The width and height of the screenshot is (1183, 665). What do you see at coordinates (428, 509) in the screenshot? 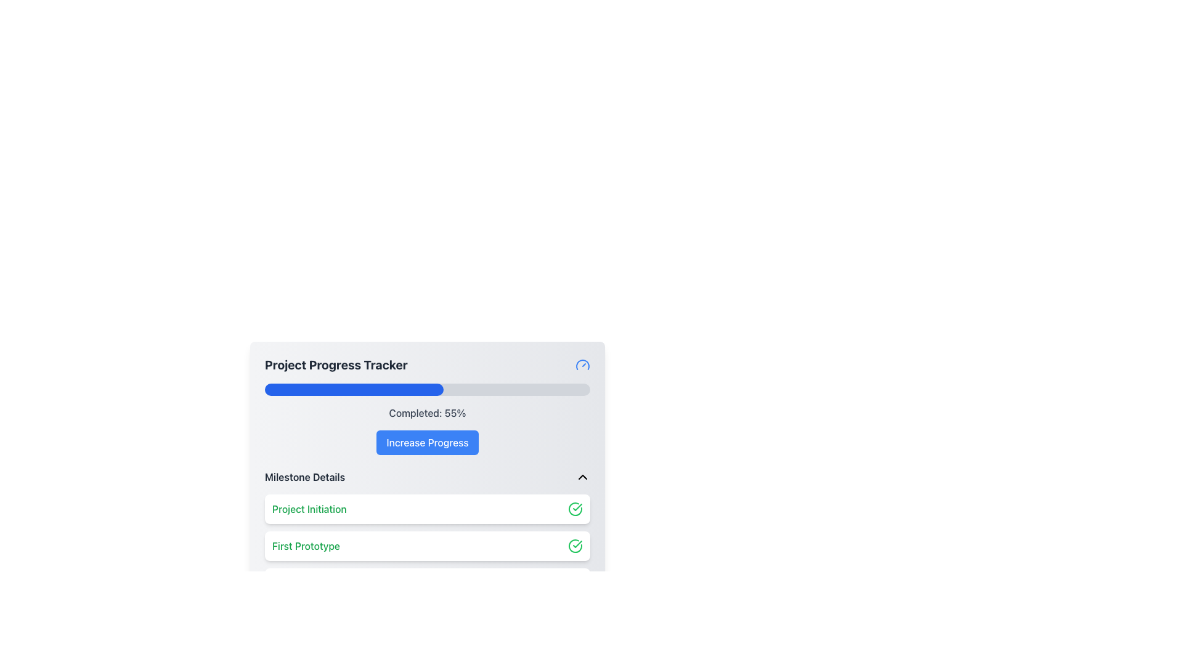
I see `the Informational section representing the milestone 'Project Initiation', which indicates it has been completed and is positioned under 'Milestone Details'` at bounding box center [428, 509].